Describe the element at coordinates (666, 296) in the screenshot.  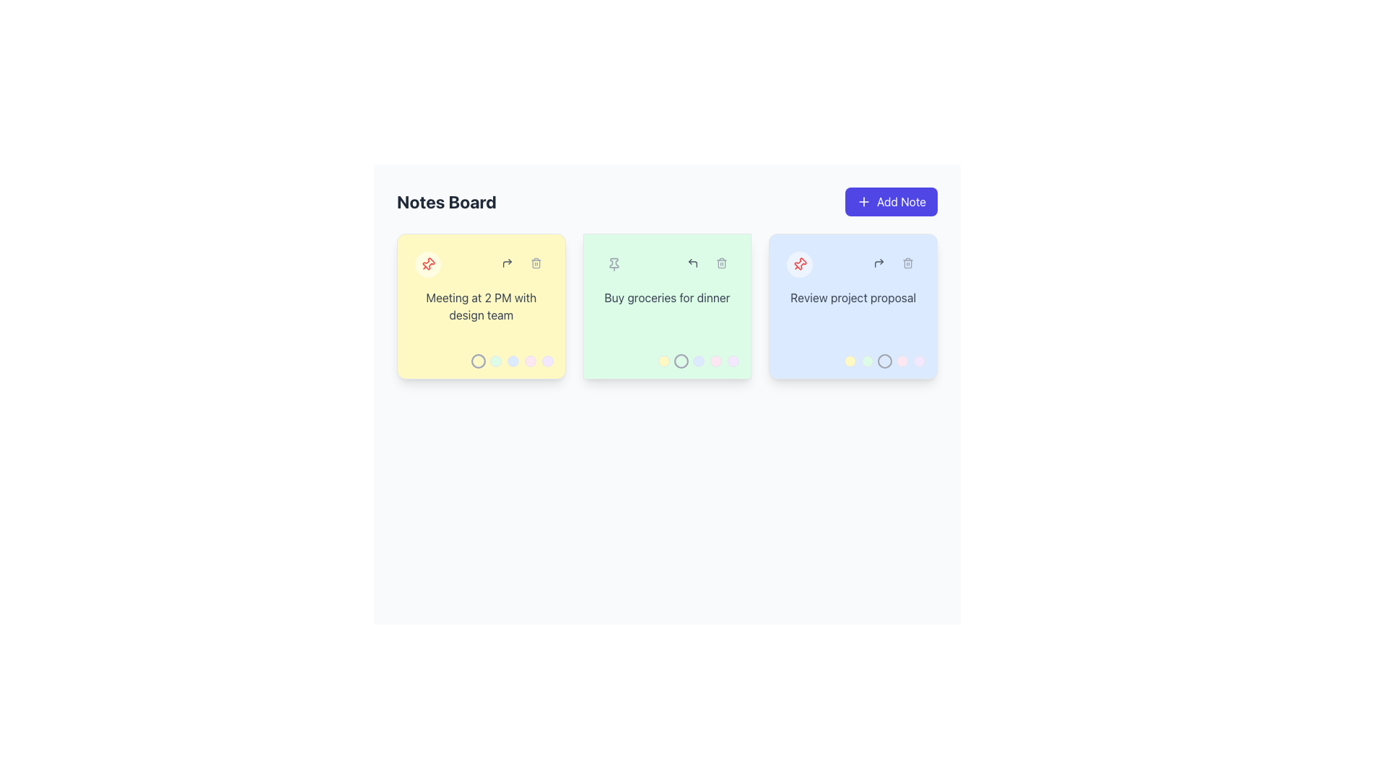
I see `the static text element that displays the content or title of the note, located centrally in the second note card under 'Notes Board'` at that location.